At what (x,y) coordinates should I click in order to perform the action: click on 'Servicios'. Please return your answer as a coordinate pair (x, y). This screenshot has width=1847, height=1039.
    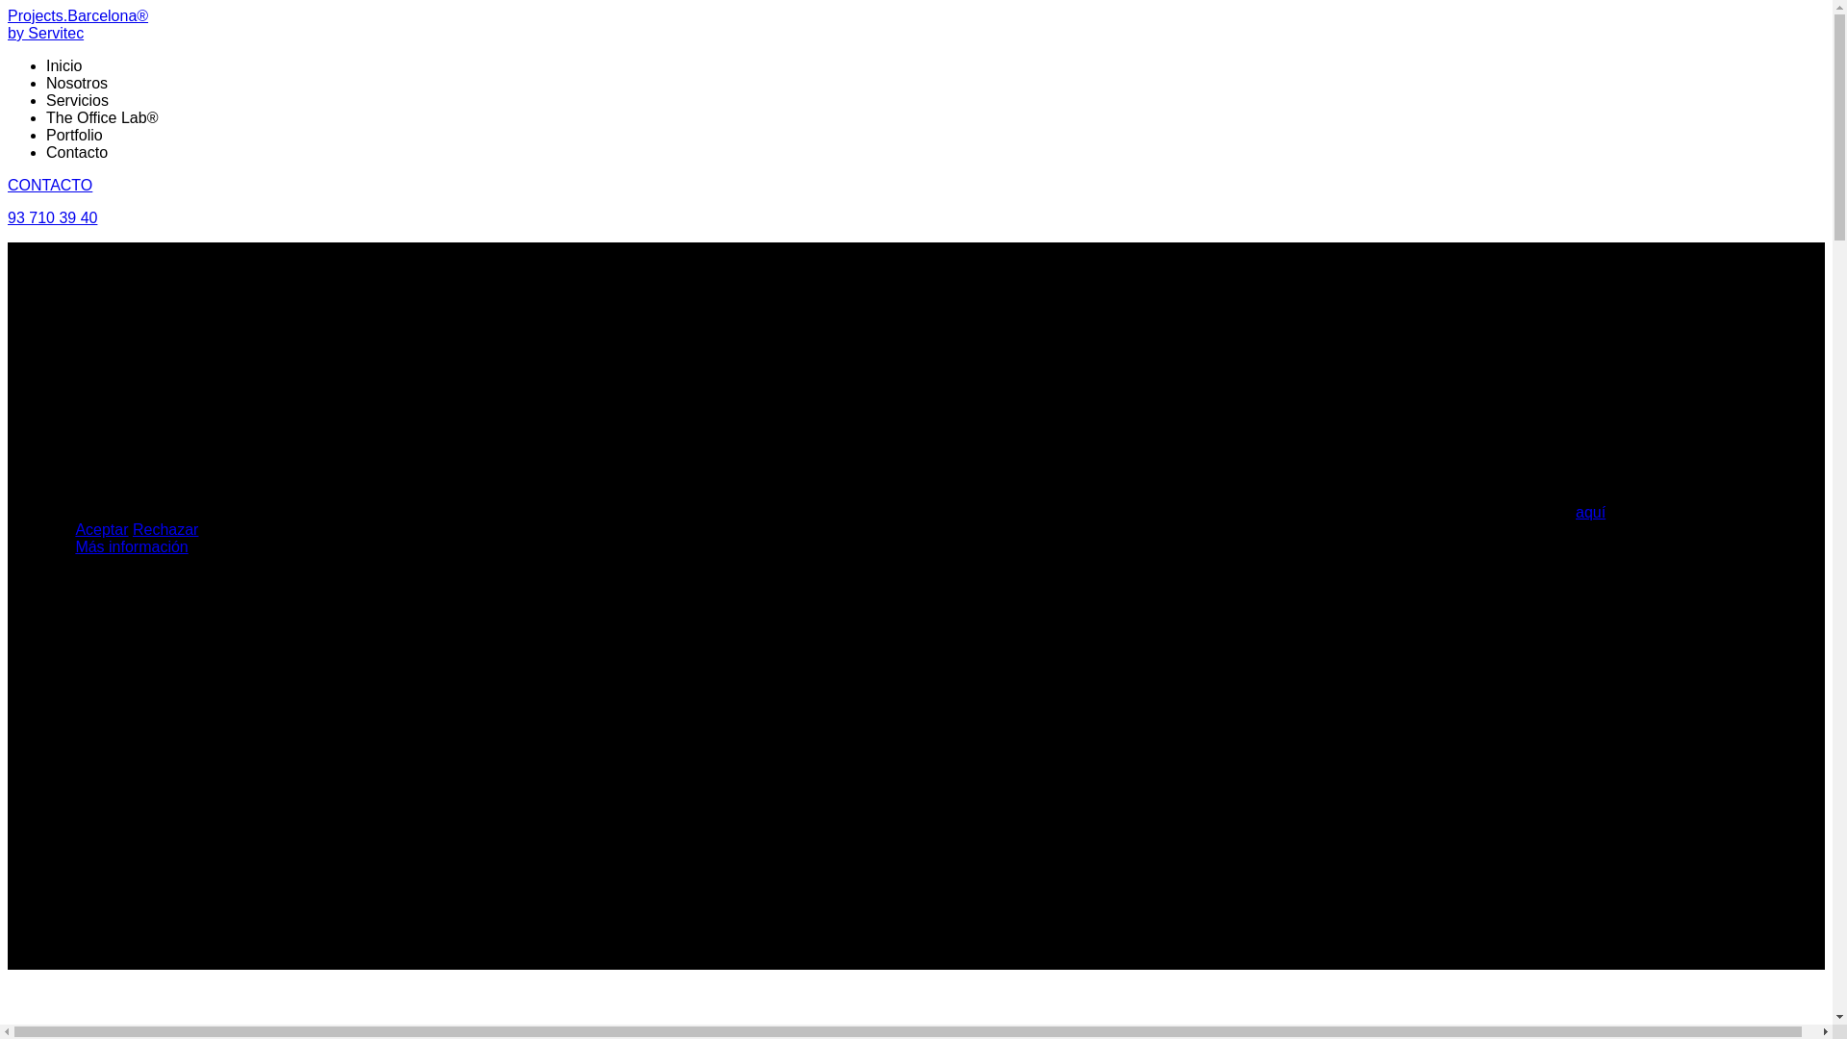
    Looking at the image, I should click on (77, 100).